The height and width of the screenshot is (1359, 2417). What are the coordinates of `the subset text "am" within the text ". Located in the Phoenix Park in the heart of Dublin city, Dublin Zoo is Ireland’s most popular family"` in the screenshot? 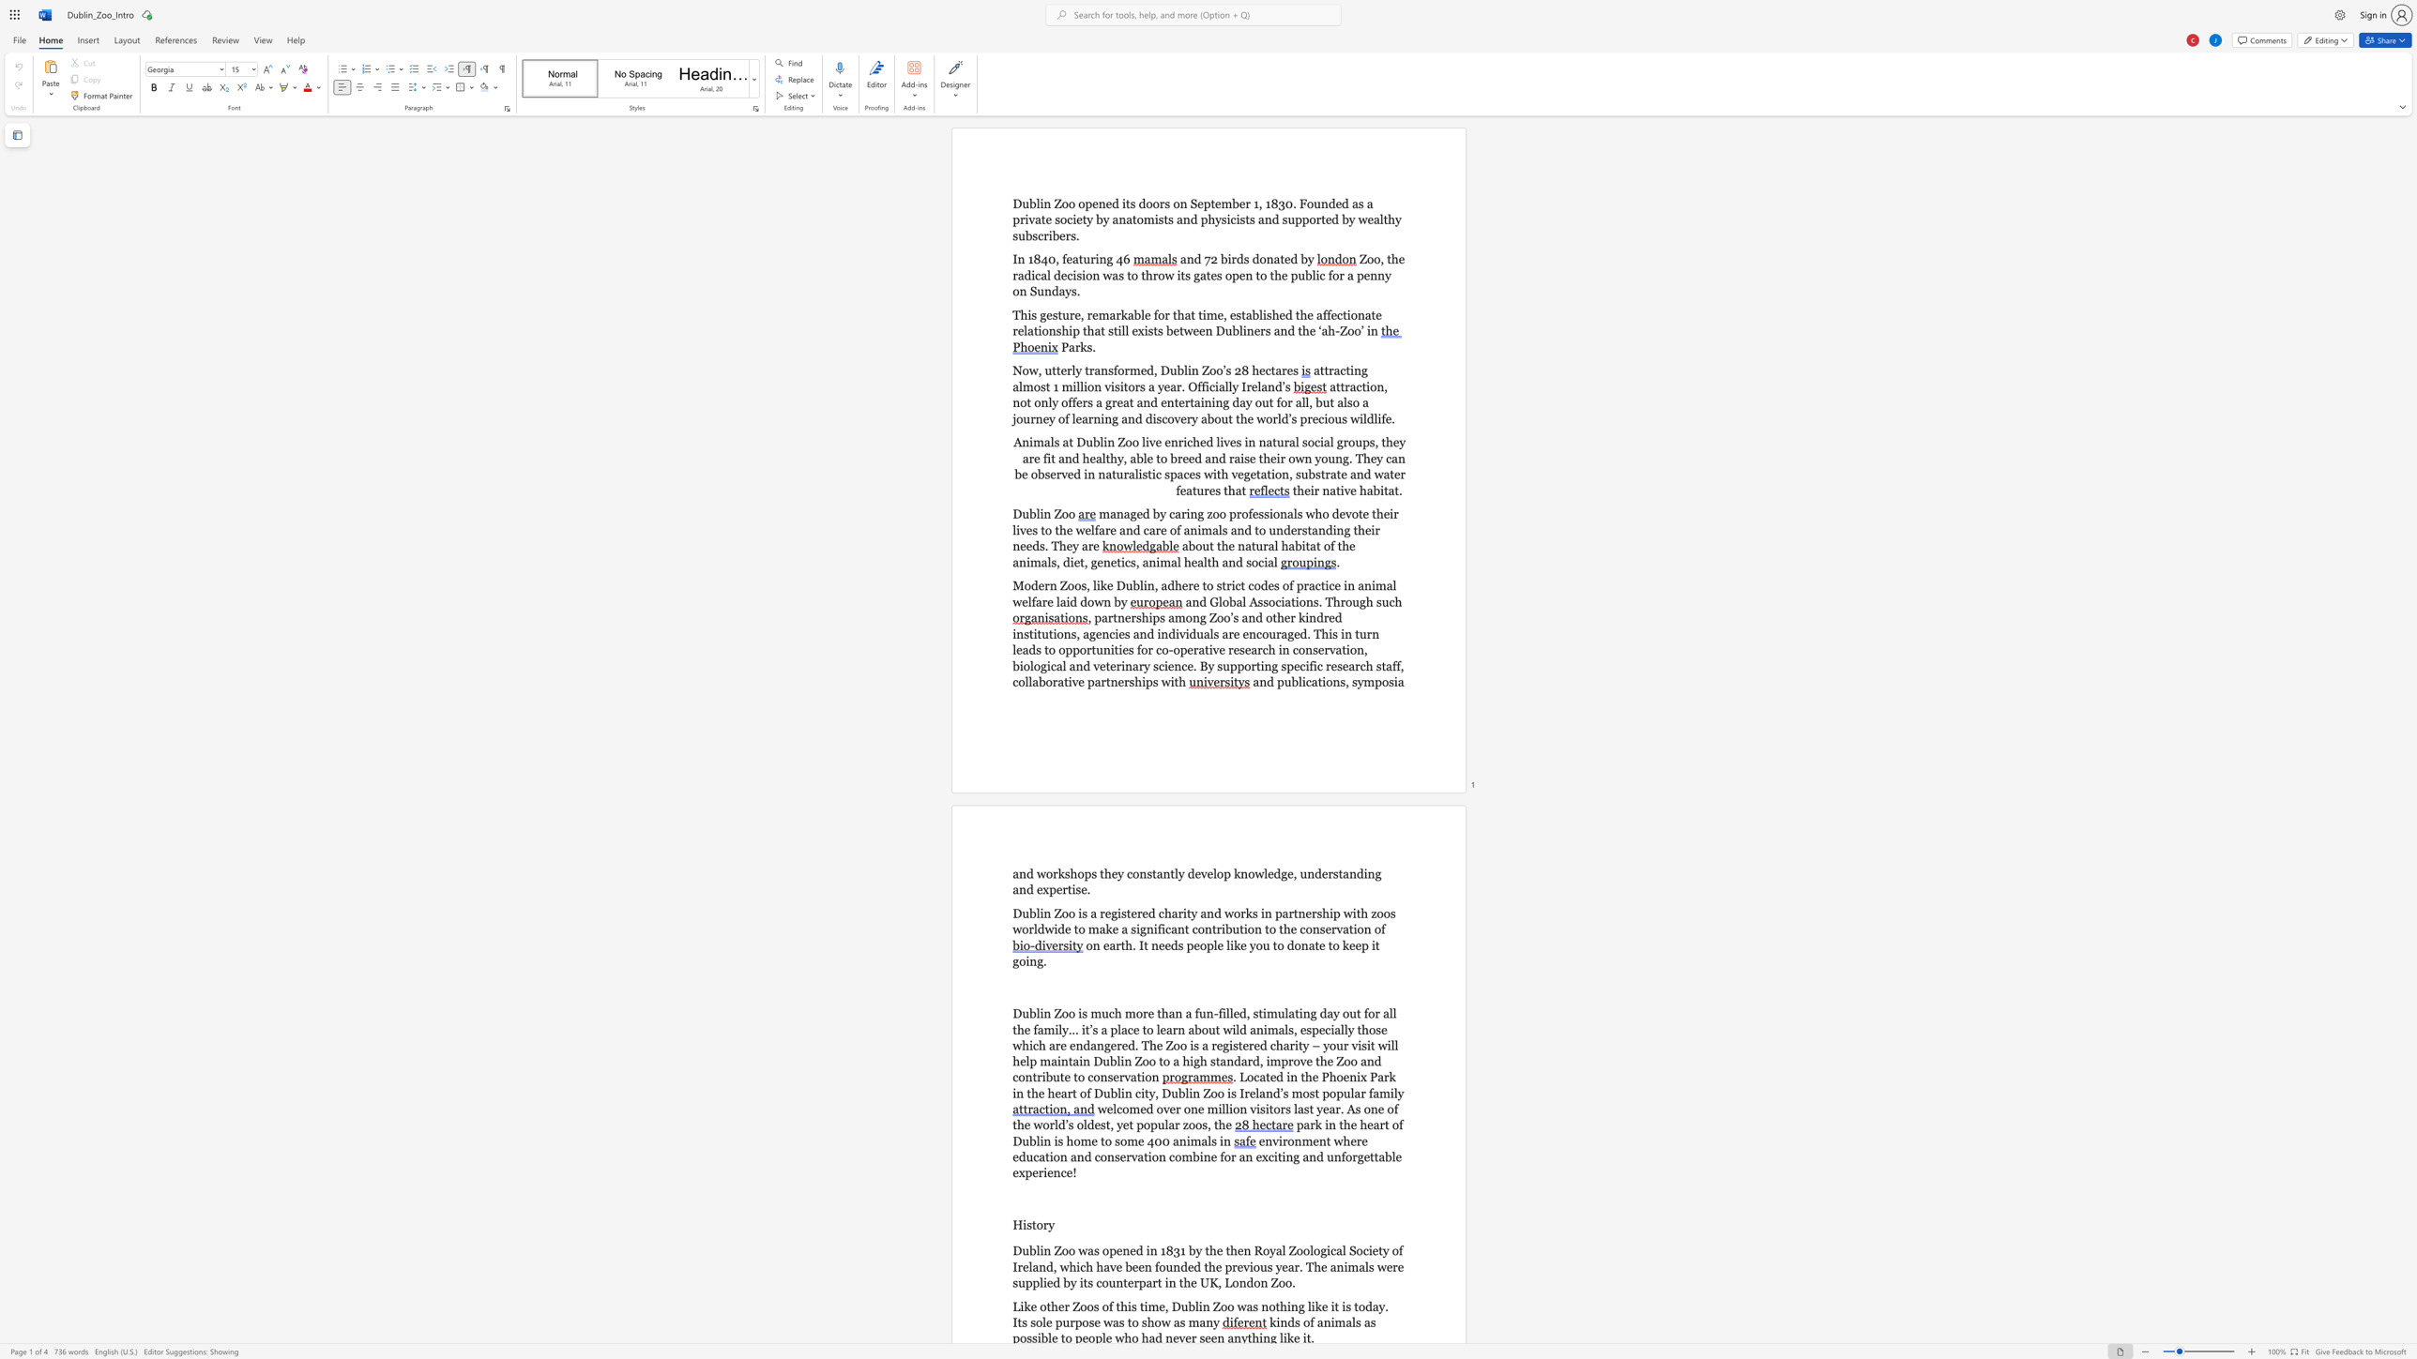 It's located at (1372, 1093).